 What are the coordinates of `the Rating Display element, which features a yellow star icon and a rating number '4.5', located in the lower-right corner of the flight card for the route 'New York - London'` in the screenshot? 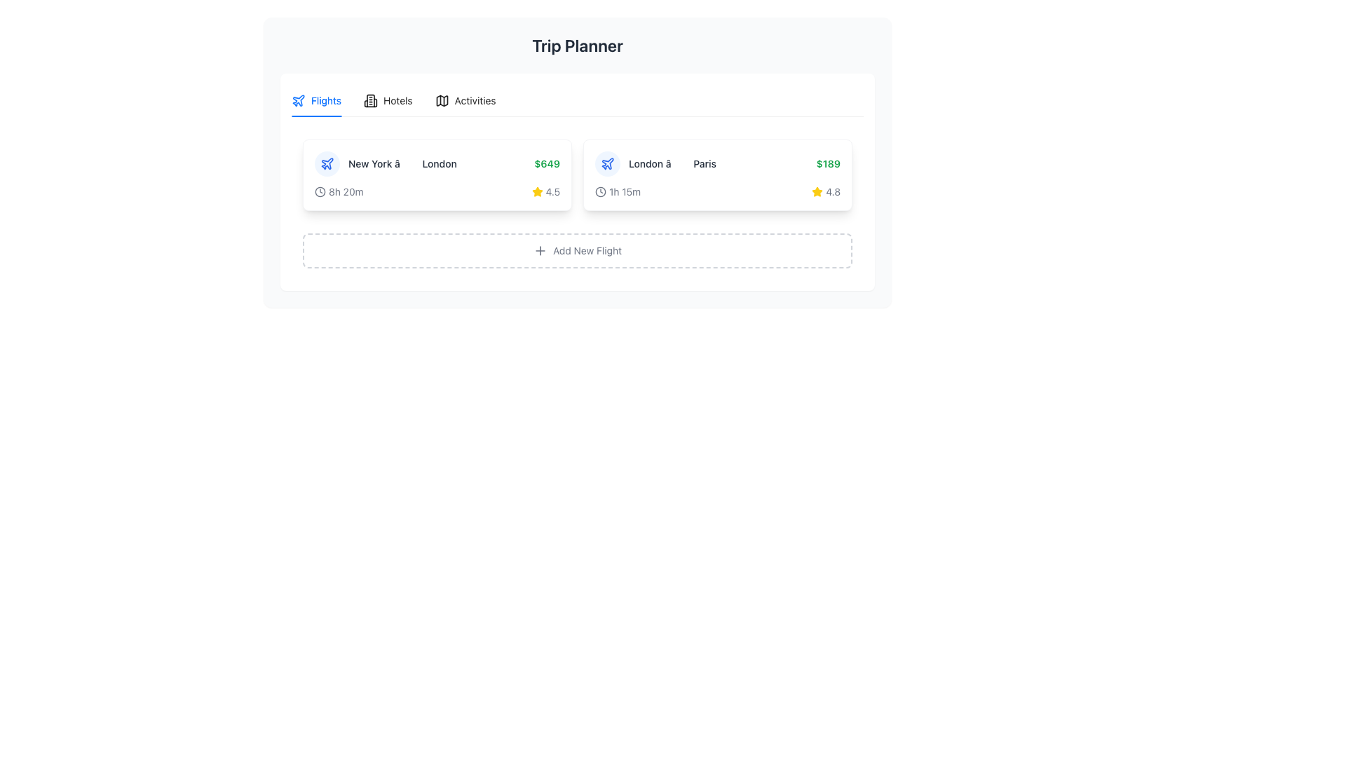 It's located at (545, 191).